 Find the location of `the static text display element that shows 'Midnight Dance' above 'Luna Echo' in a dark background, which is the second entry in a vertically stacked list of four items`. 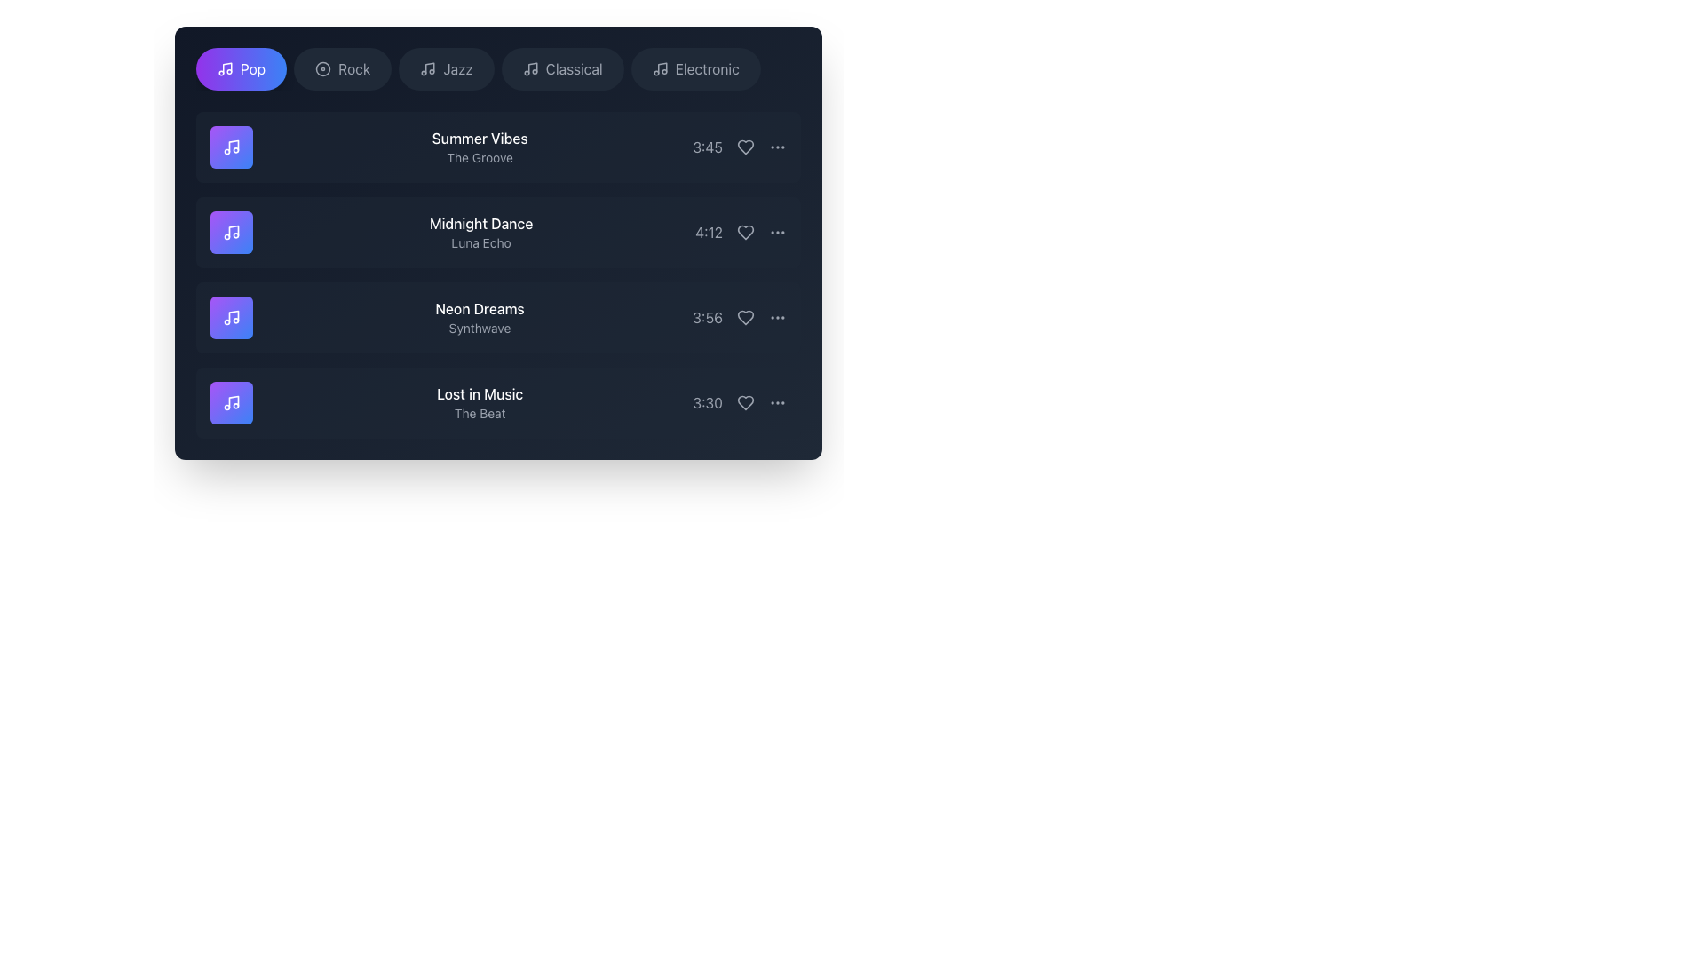

the static text display element that shows 'Midnight Dance' above 'Luna Echo' in a dark background, which is the second entry in a vertically stacked list of four items is located at coordinates (481, 232).